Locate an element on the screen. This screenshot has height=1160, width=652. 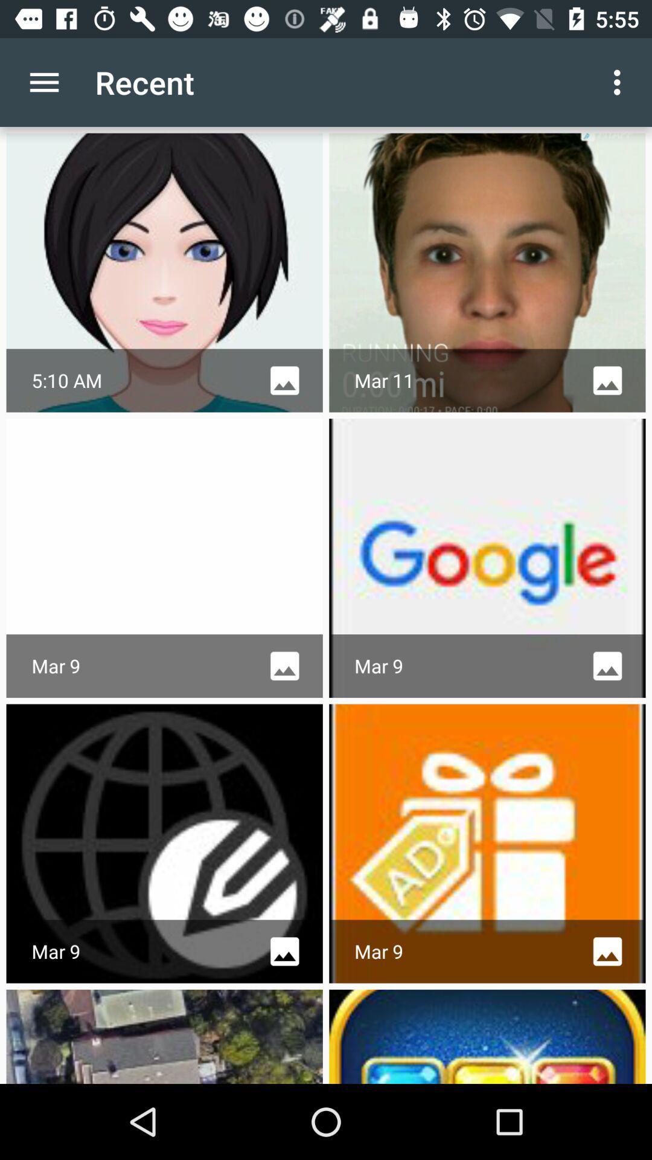
the app next to the recent is located at coordinates (620, 82).